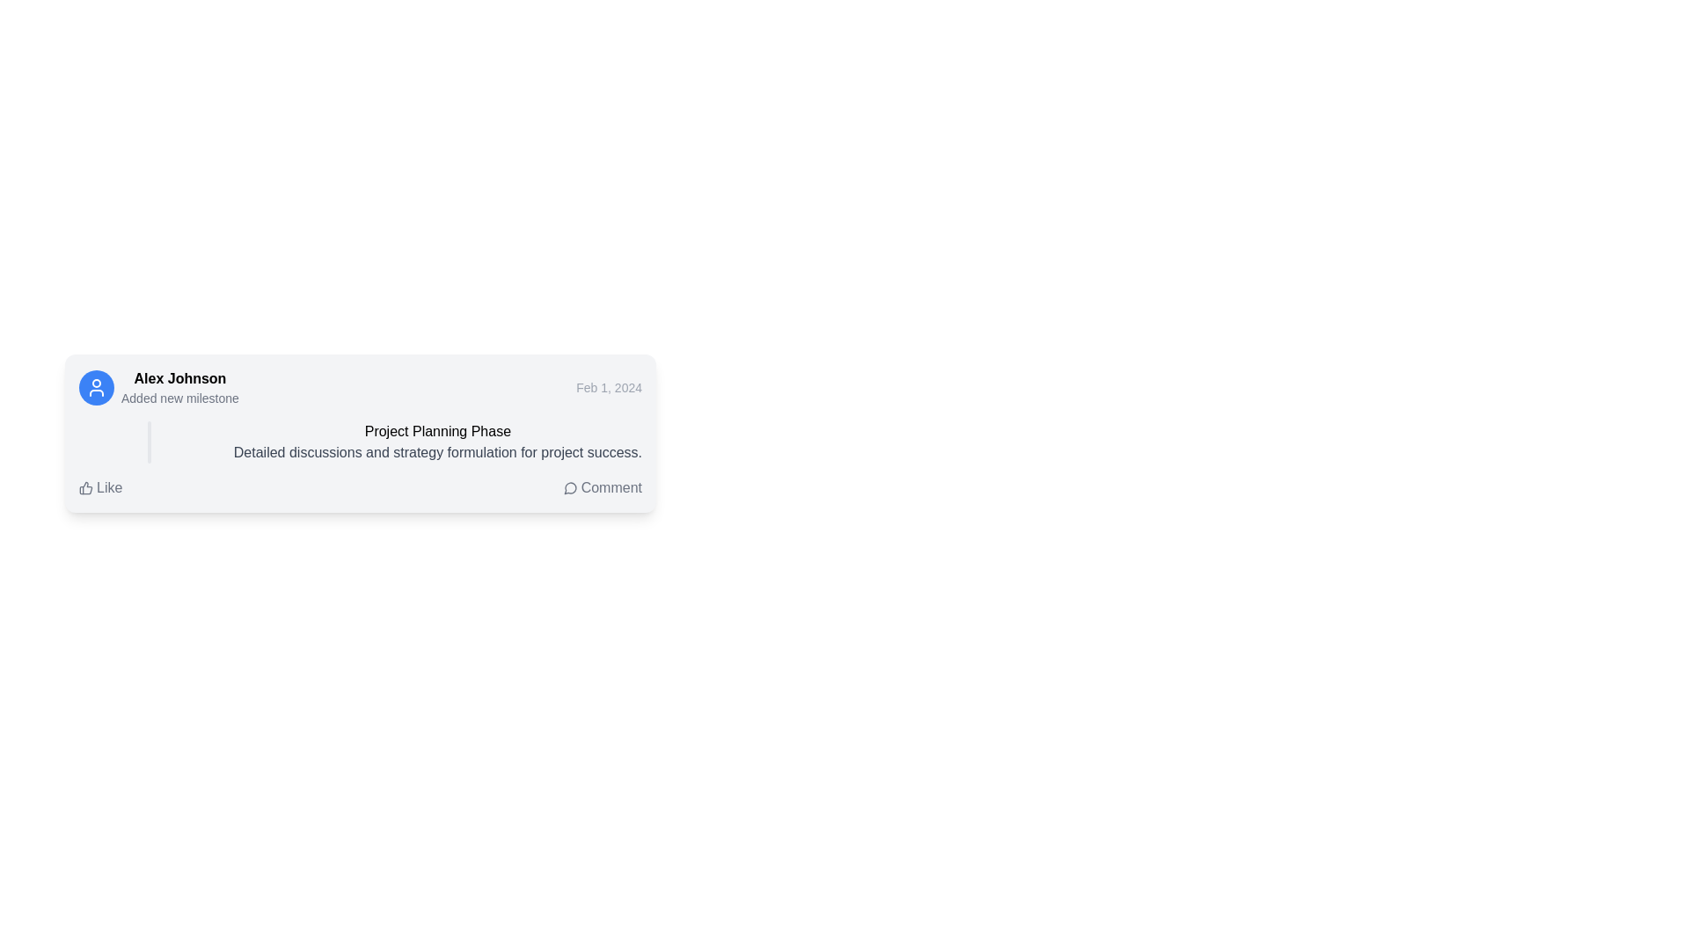 The width and height of the screenshot is (1689, 950). What do you see at coordinates (359, 441) in the screenshot?
I see `the informational Text block located beneath the heading 'Alex Johnson' and the date 'Feb 1, 2024', which is positioned above the 'Like' and 'Comment' buttons` at bounding box center [359, 441].